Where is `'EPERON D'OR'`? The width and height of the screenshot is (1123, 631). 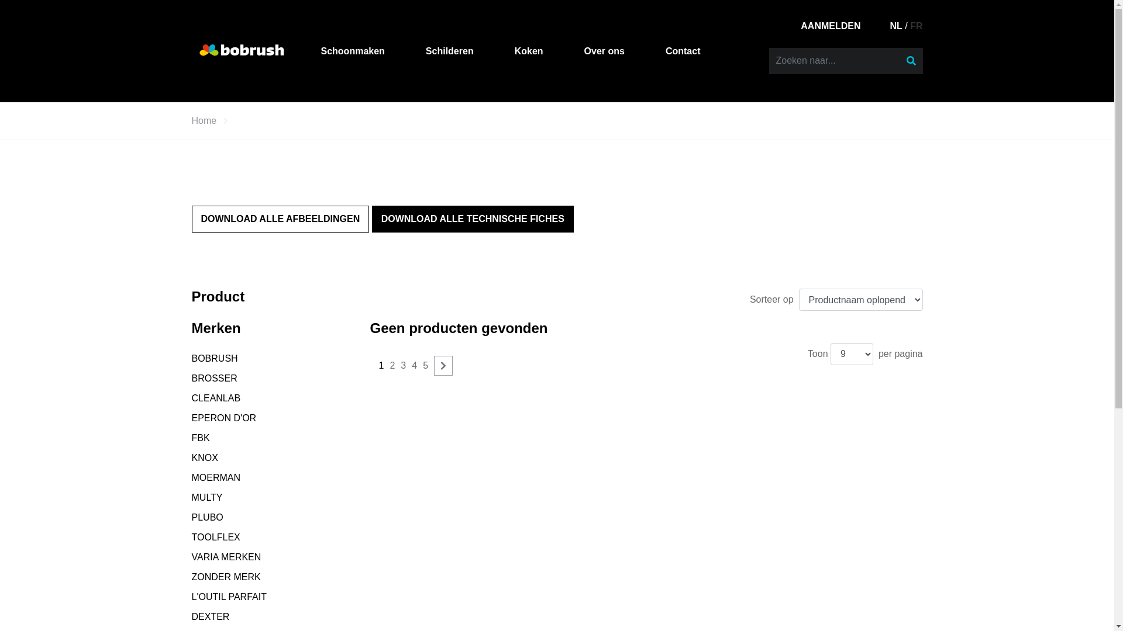 'EPERON D'OR' is located at coordinates (191, 418).